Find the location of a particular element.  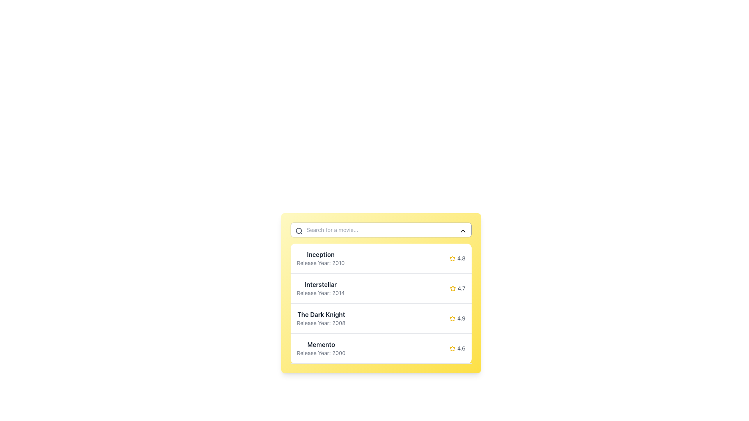

the text element displaying 'Release Year: 2000', which is styled with a smaller font size and gray color, located below the title 'Memento' in the movie listing is located at coordinates (321, 353).